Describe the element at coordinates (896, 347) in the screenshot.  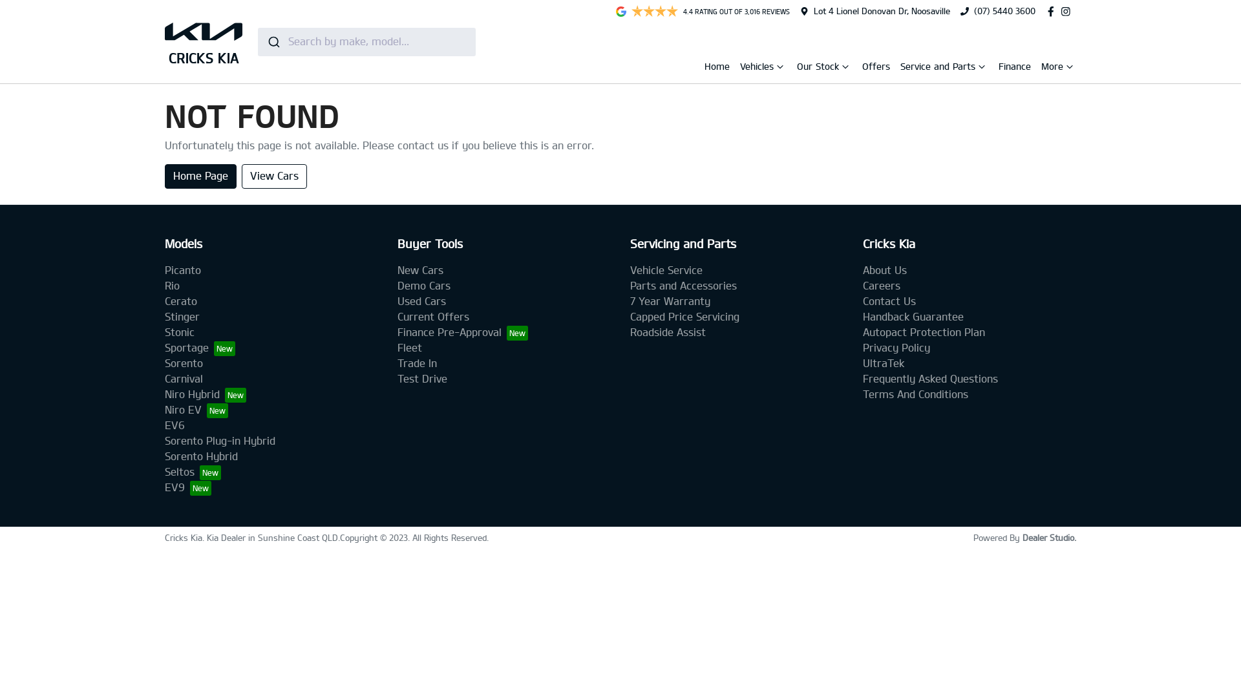
I see `'Privacy Policy'` at that location.